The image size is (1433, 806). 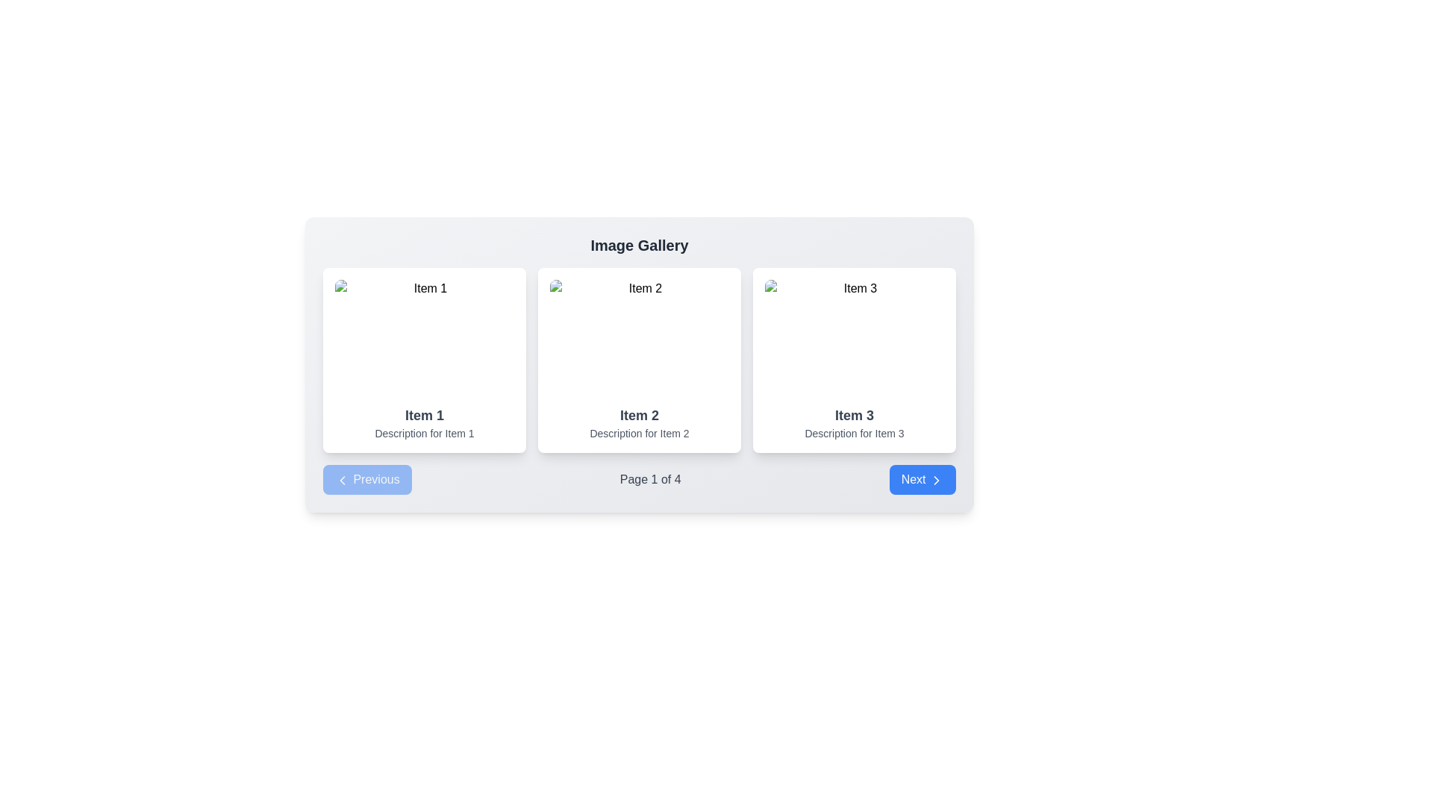 I want to click on 'Previous' button with a blue background and white text, located on the left side of the pagination control bar, for accessibility hints, so click(x=367, y=480).